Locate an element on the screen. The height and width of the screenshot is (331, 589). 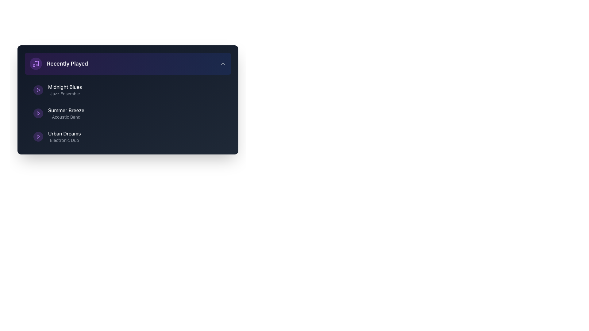
the text label that reads 'Midnight Blues' in bold white and 'Jazz Ensemble' in gray, which is positioned to the right of a circular purple play icon in the 'Recently Played' section is located at coordinates (57, 90).